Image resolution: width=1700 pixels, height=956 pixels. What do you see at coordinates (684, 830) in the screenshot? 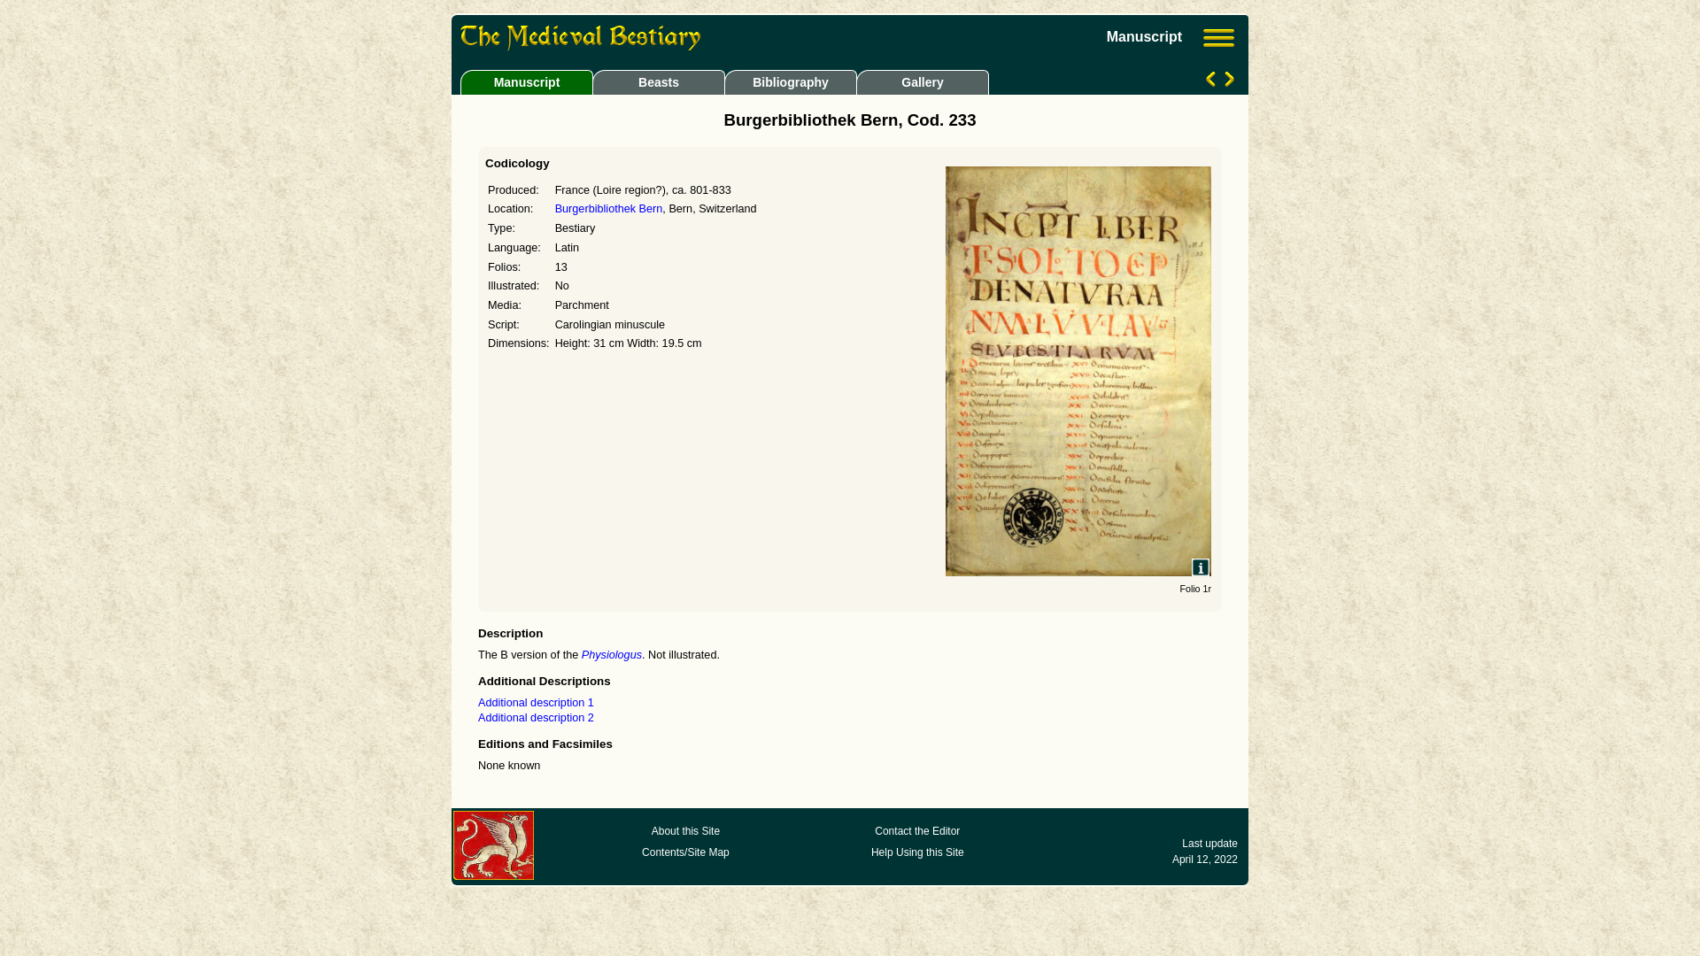
I see `'About this Site'` at bounding box center [684, 830].